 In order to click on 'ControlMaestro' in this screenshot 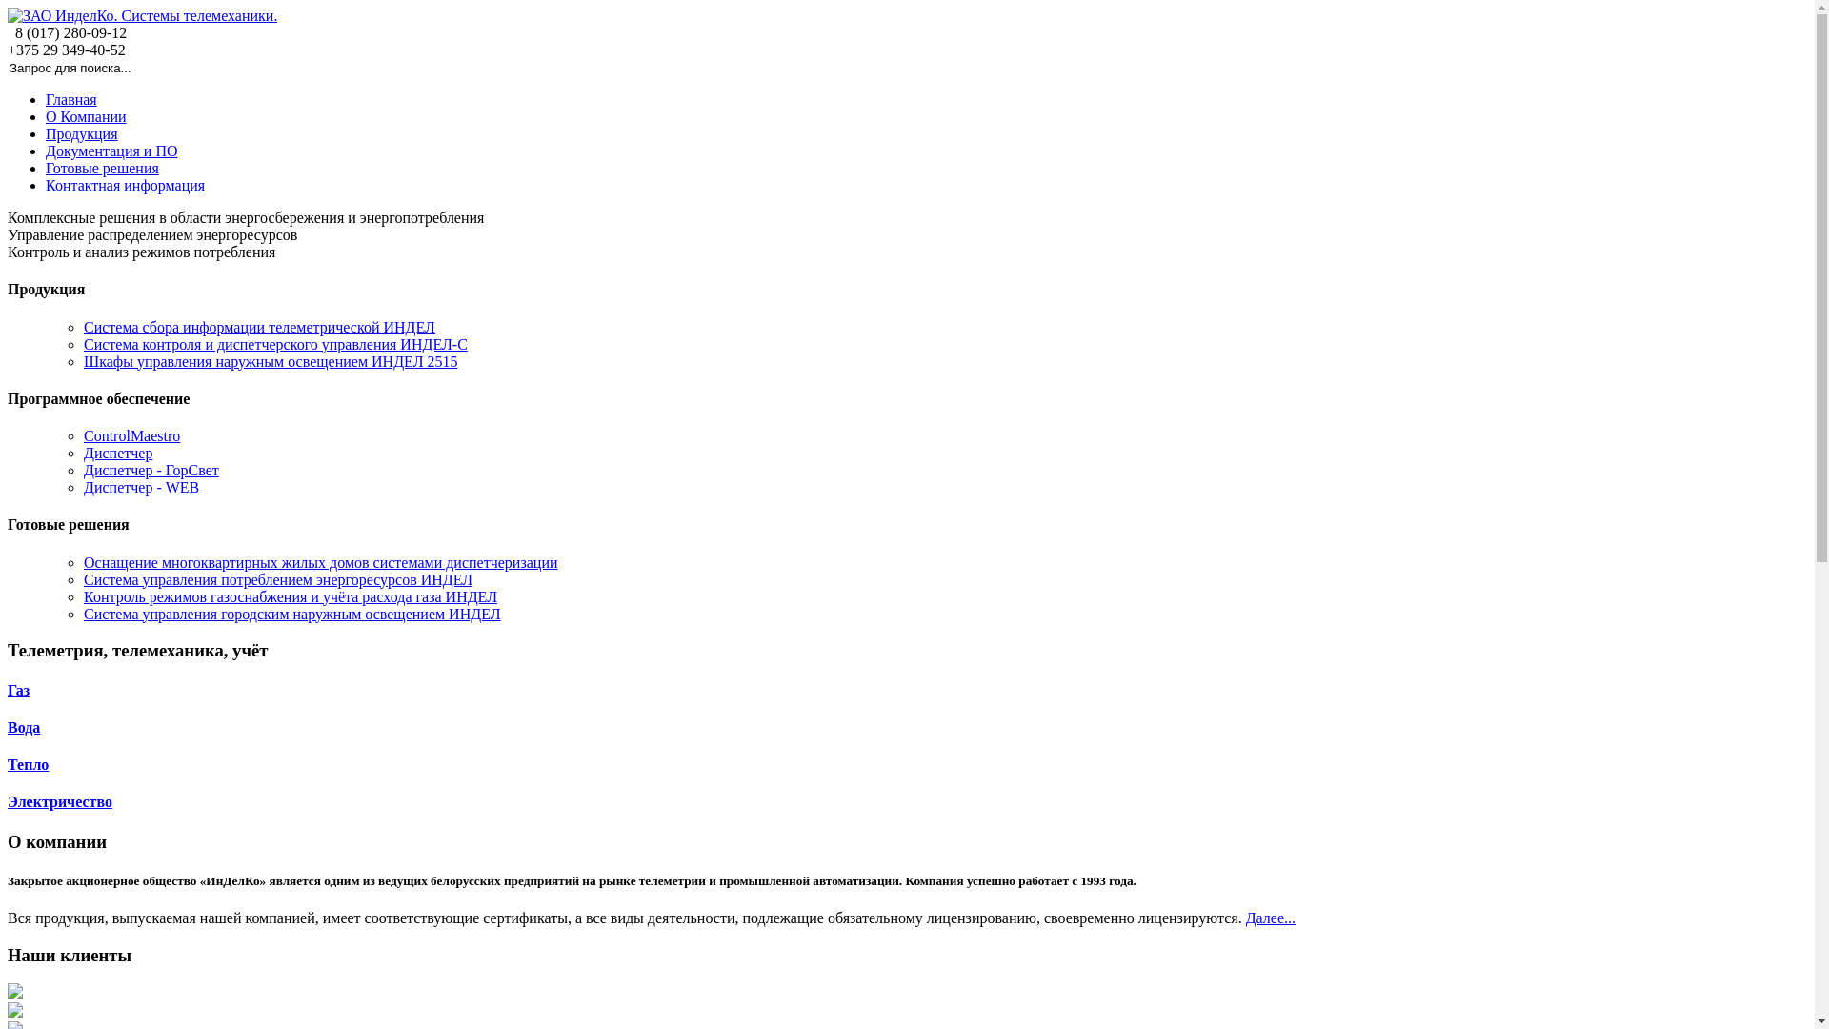, I will do `click(131, 435)`.